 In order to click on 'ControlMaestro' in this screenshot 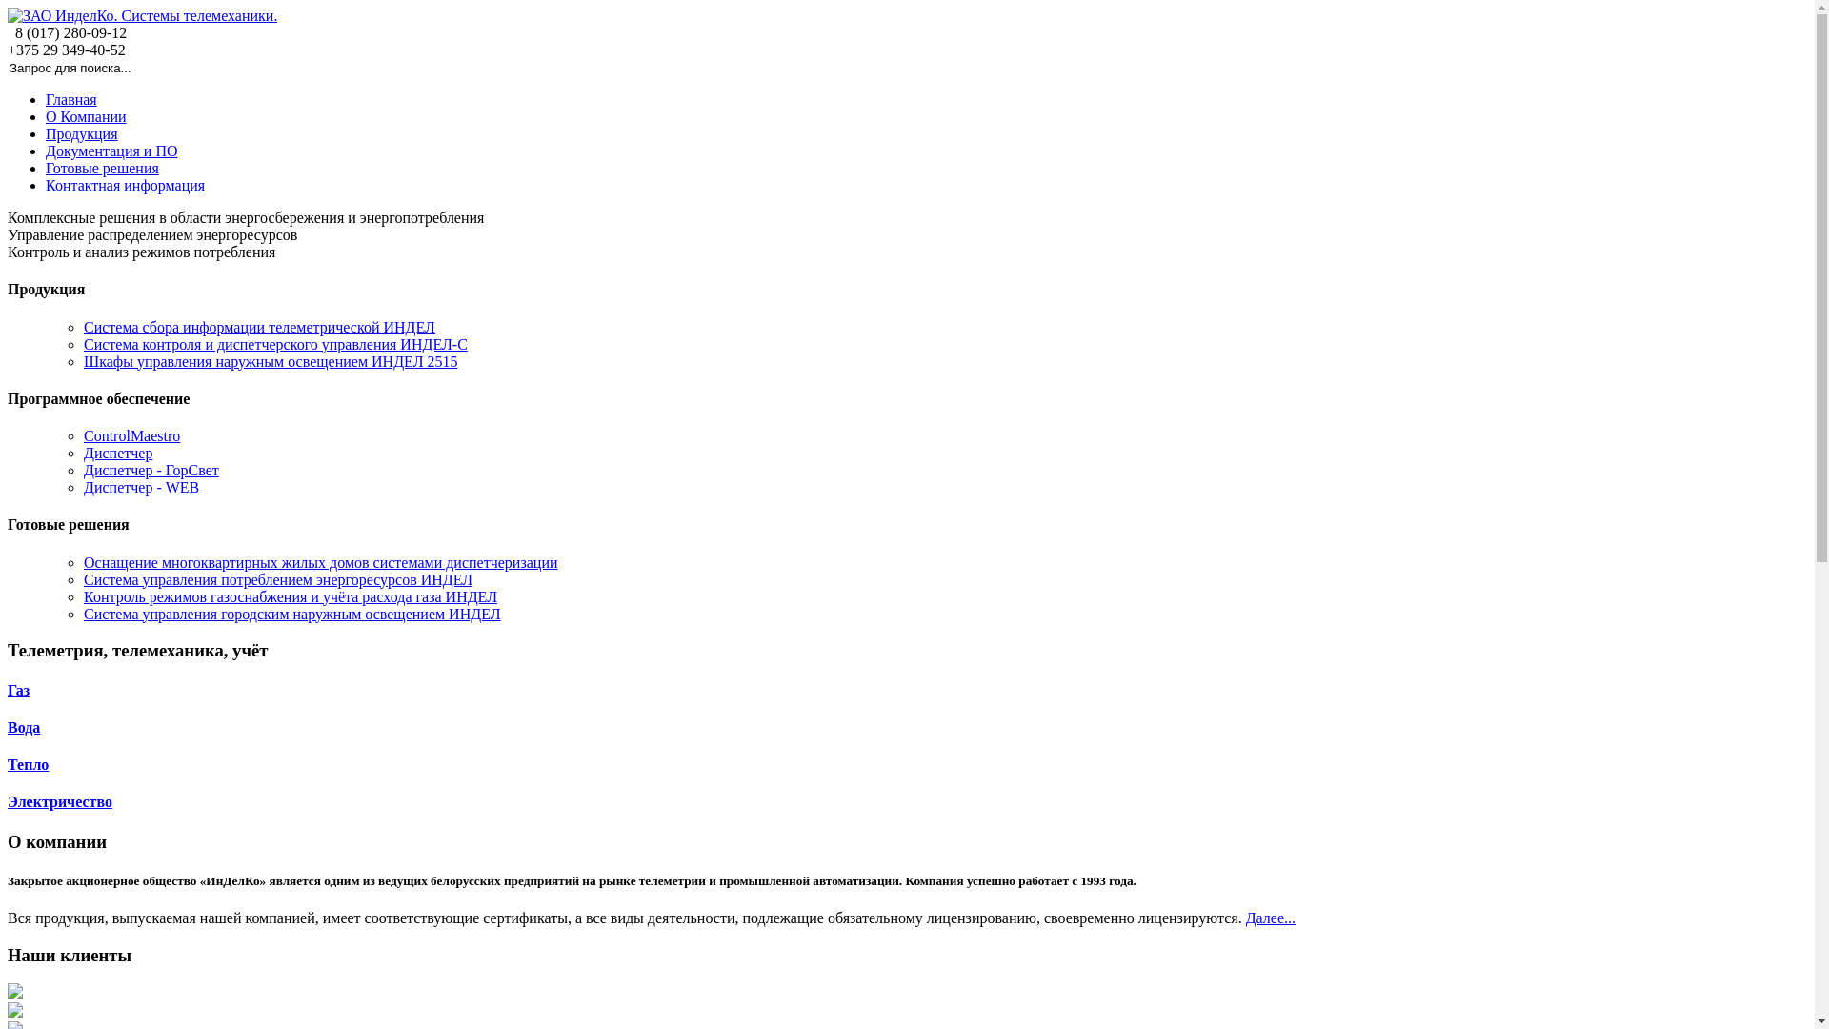, I will do `click(131, 435)`.